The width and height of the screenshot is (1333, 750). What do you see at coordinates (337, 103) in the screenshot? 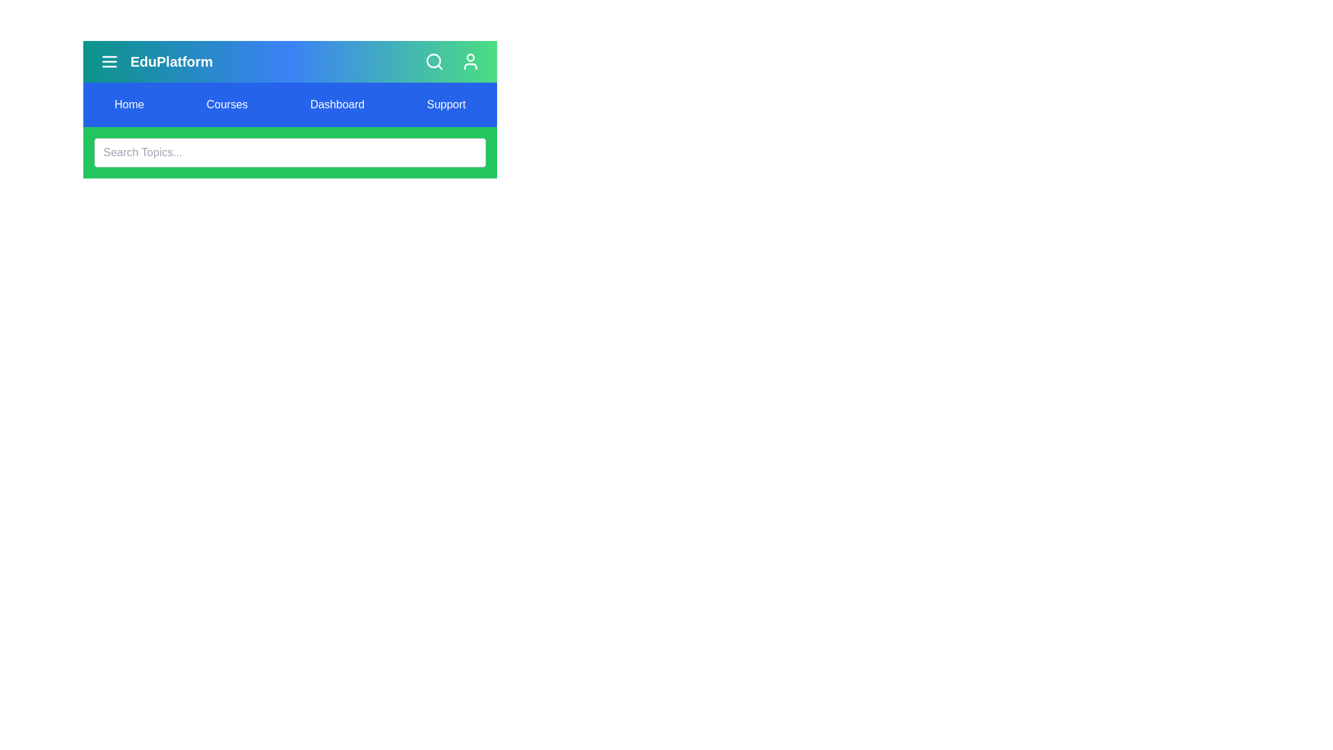
I see `the menu item Dashboard from the navigation bar` at bounding box center [337, 103].